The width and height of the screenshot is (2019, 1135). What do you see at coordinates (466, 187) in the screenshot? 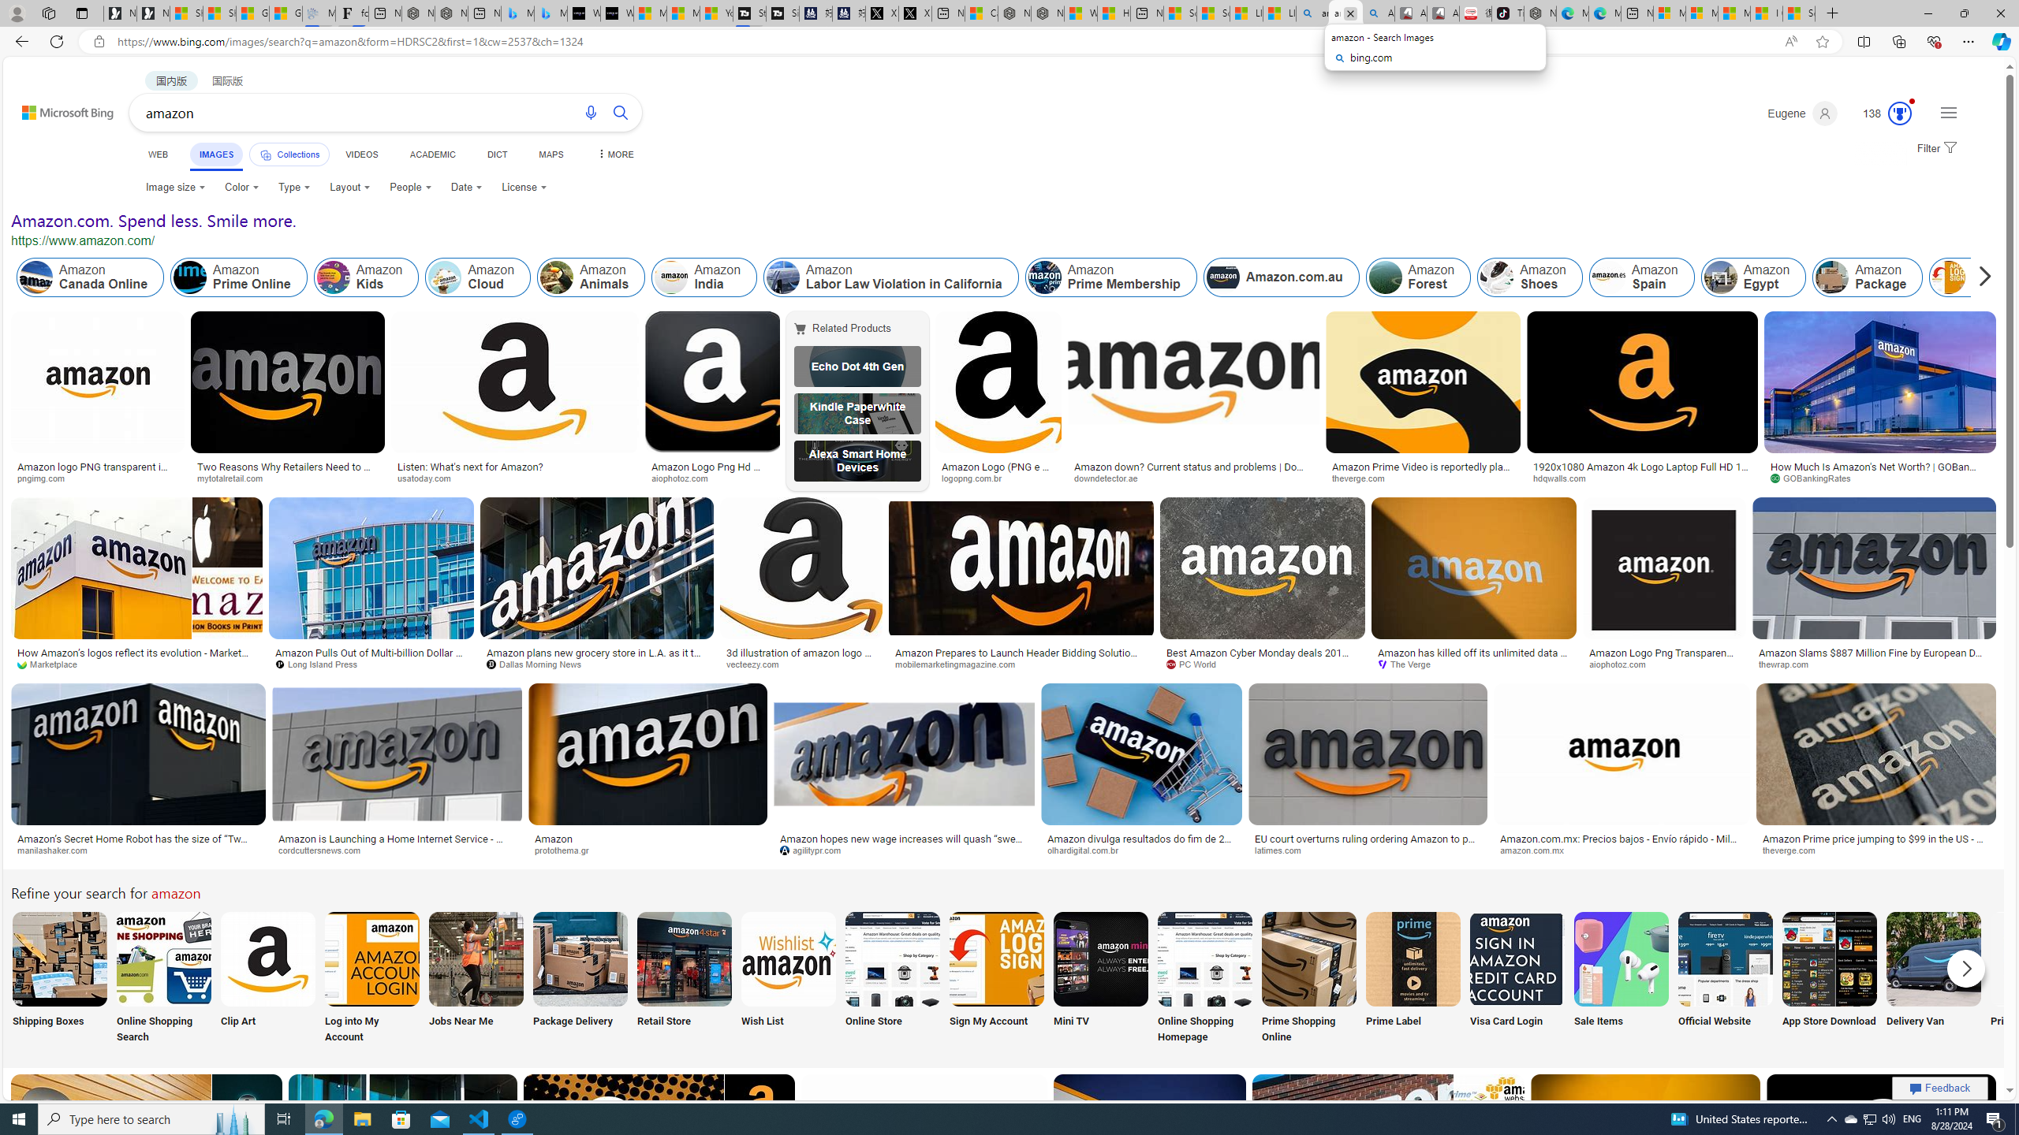
I see `'Date'` at bounding box center [466, 187].